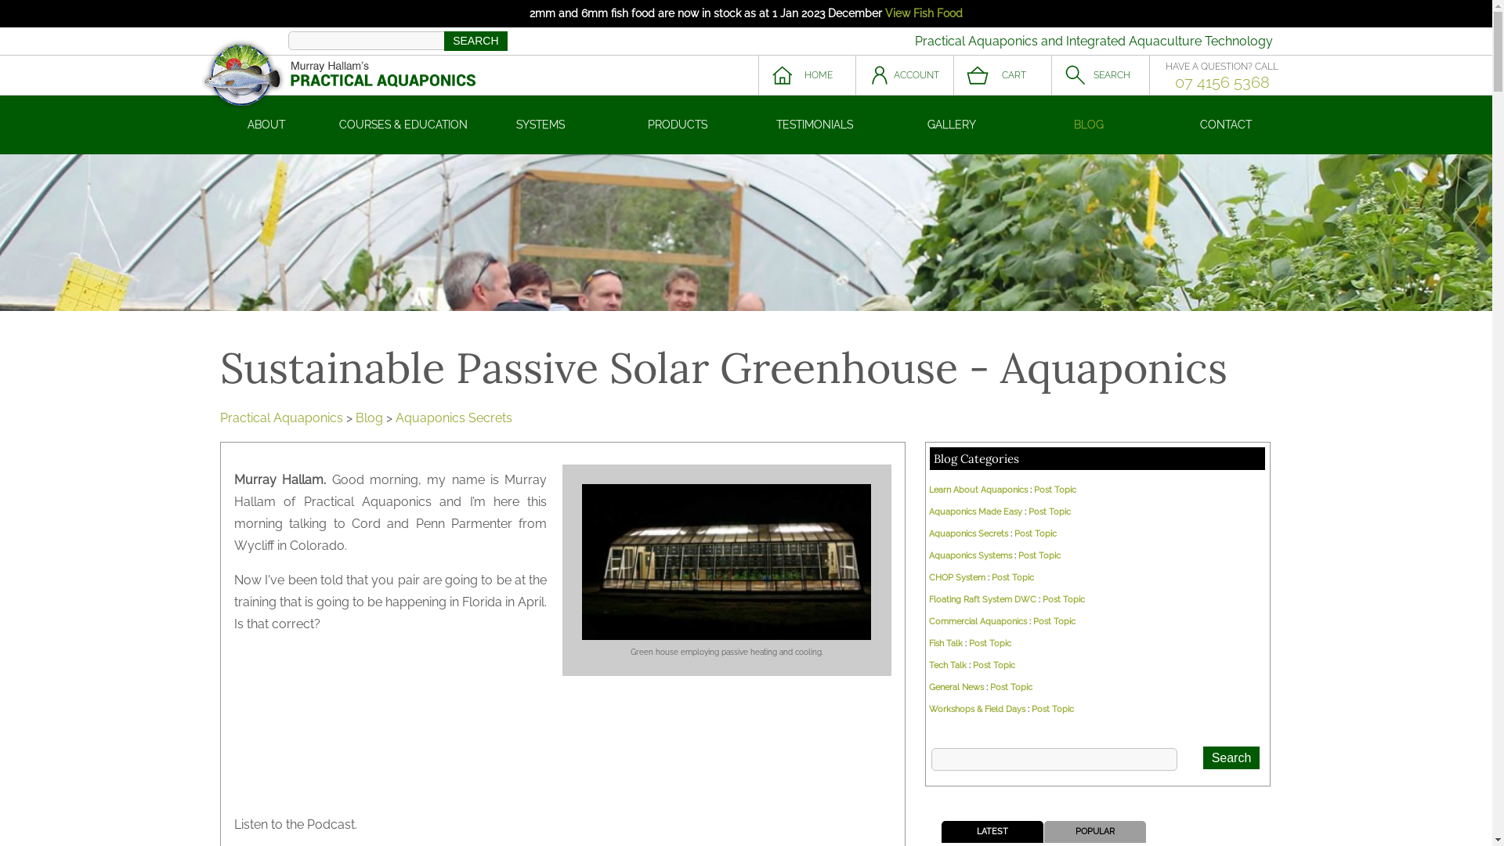 The image size is (1504, 846). Describe the element at coordinates (977, 489) in the screenshot. I see `'Learn About Aquaponics'` at that location.